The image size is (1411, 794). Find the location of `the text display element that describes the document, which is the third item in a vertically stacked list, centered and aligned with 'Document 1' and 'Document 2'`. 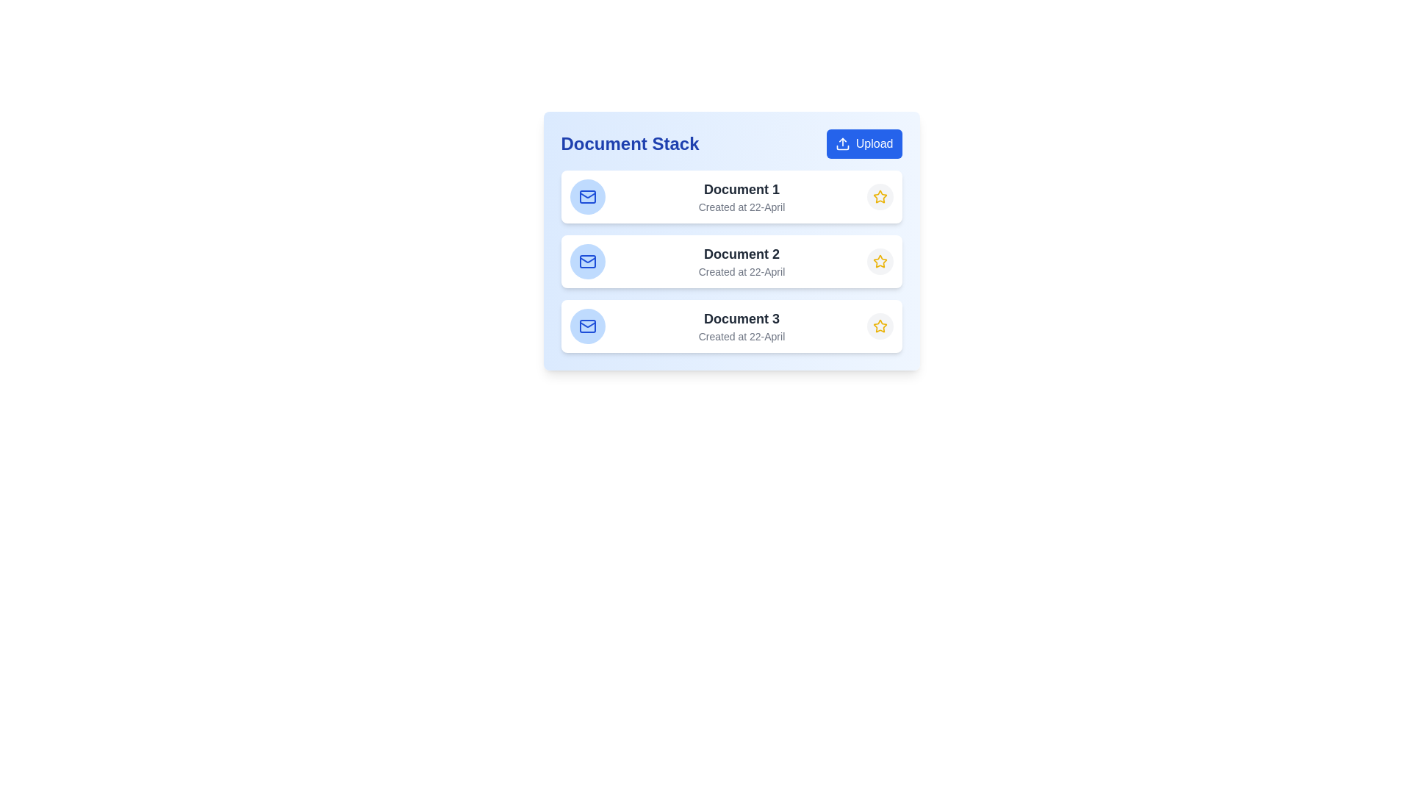

the text display element that describes the document, which is the third item in a vertically stacked list, centered and aligned with 'Document 1' and 'Document 2' is located at coordinates (742, 325).